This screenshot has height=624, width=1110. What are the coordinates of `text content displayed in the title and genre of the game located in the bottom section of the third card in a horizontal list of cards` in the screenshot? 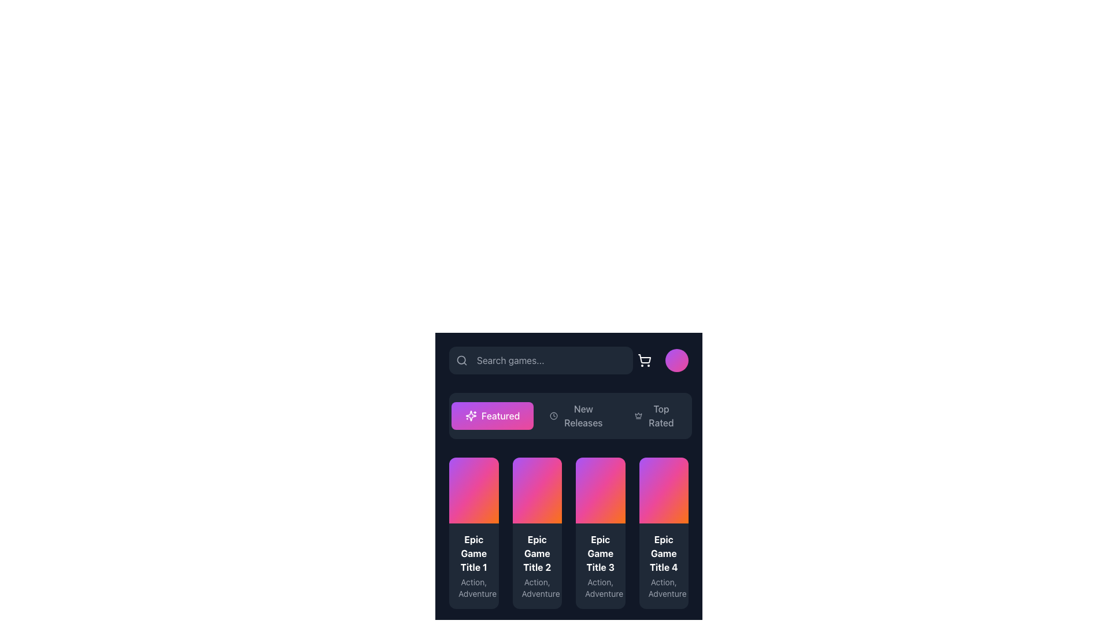 It's located at (600, 565).